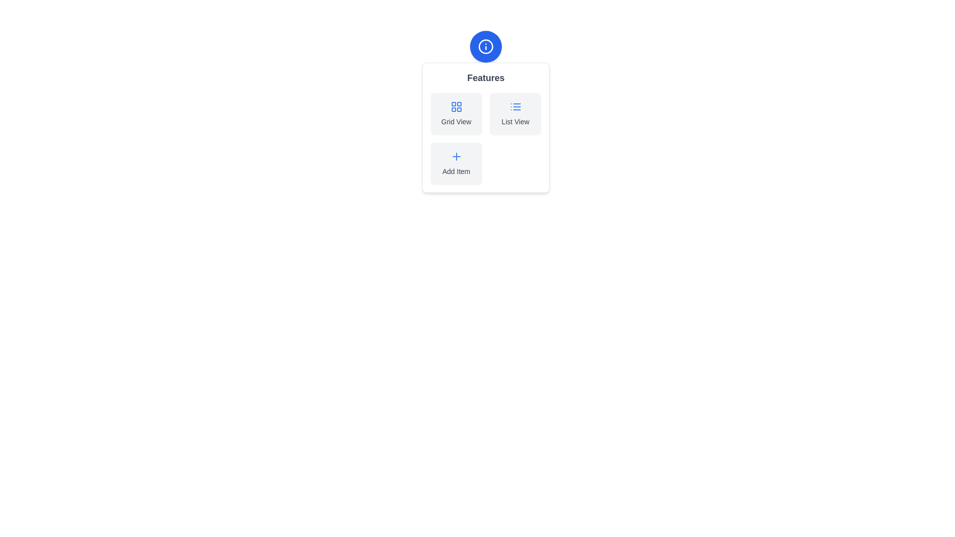  Describe the element at coordinates (486, 78) in the screenshot. I see `the text label displaying 'Features', which is styled in gray with a bold font and serves as the header for the options like 'Grid View', 'List View', and 'Add Item'` at that location.